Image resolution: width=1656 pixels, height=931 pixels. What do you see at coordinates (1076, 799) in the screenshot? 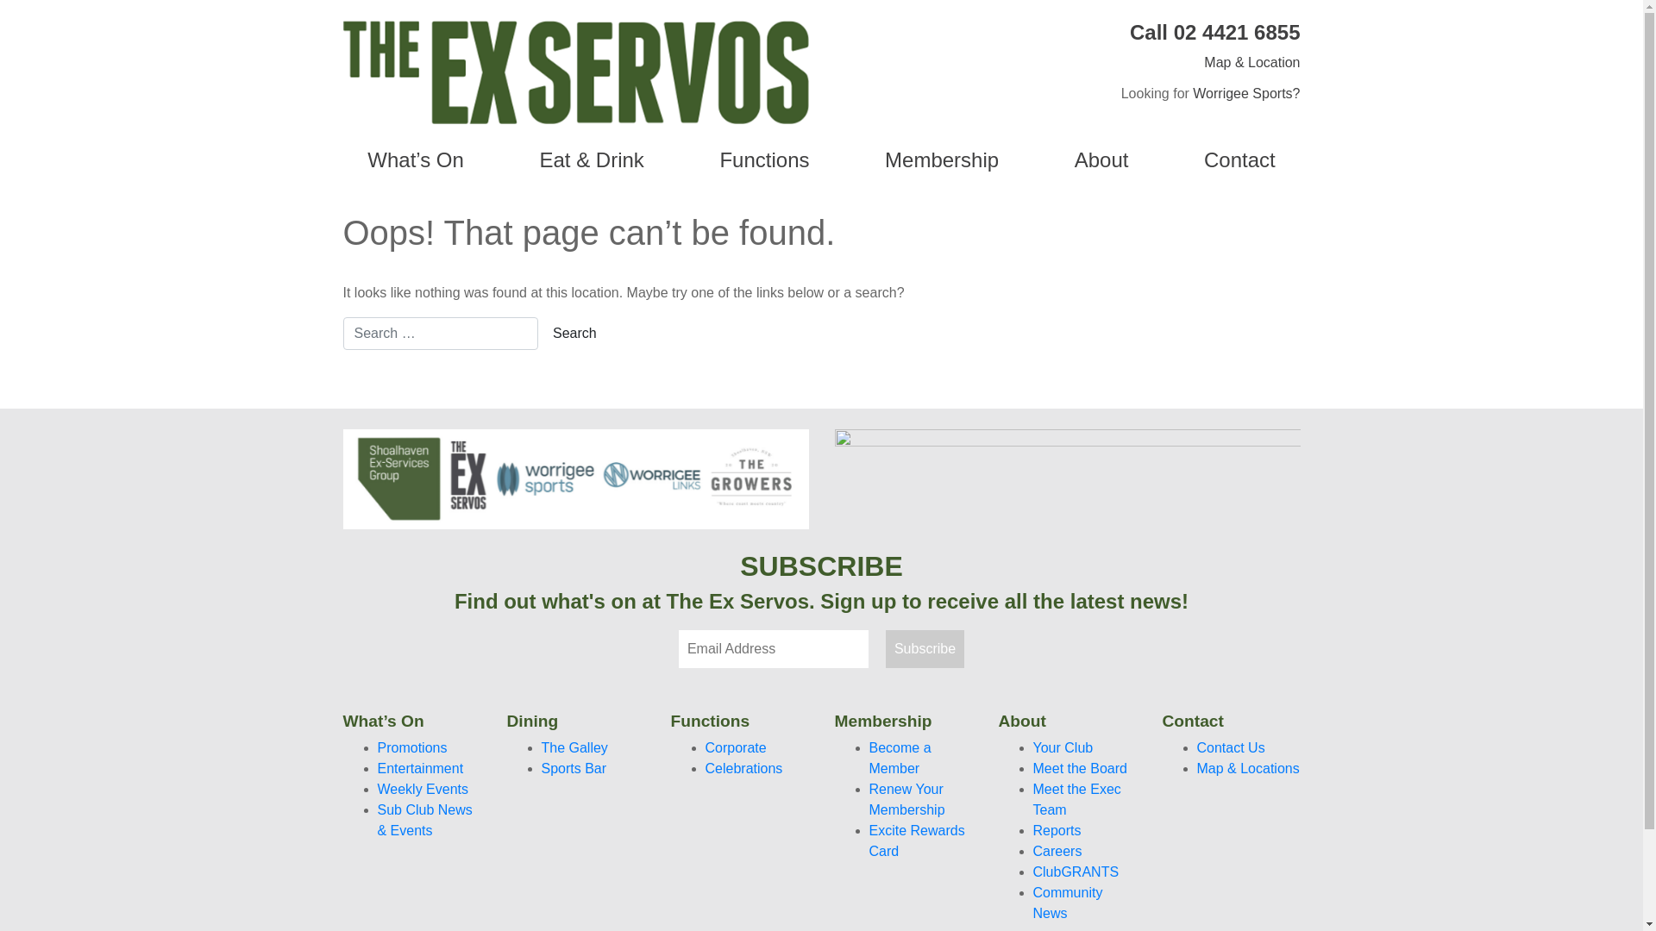
I see `'Meet the Exec Team'` at bounding box center [1076, 799].